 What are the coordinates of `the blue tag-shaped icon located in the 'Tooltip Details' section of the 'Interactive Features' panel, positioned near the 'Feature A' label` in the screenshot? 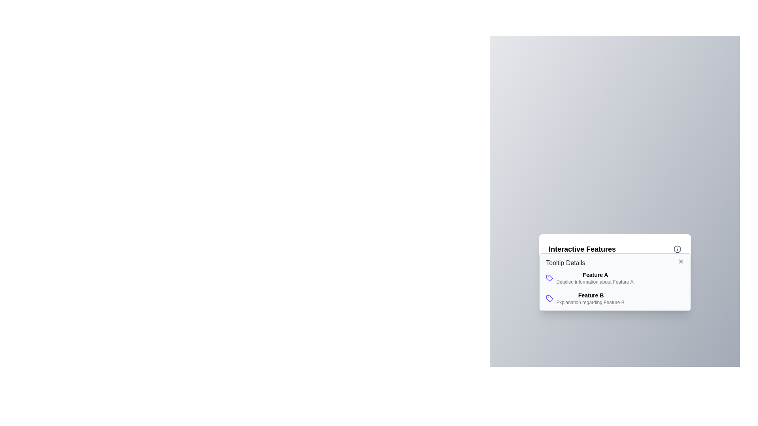 It's located at (549, 298).